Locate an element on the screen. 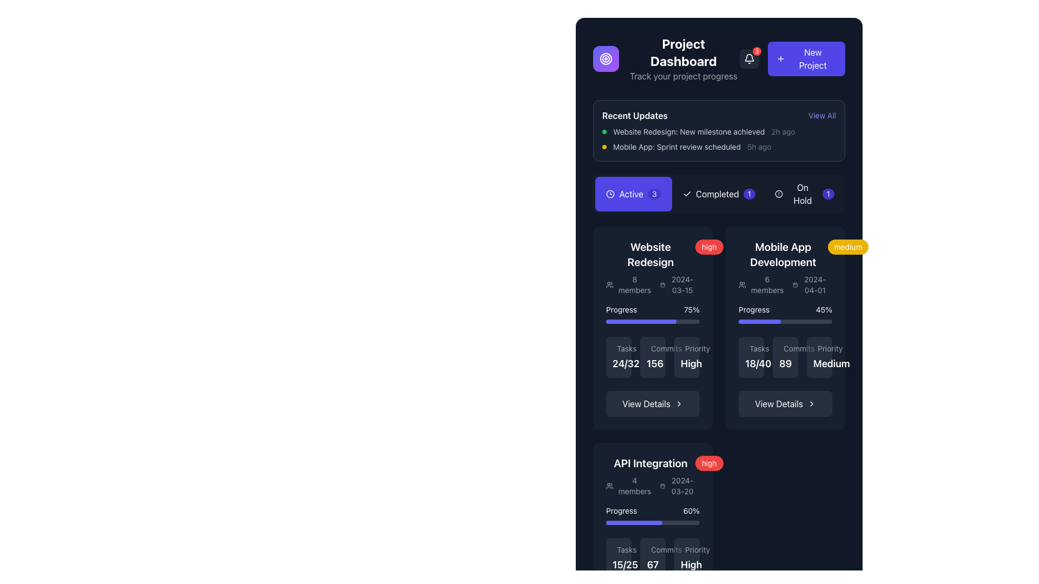 The image size is (1039, 584). the 'View Details' button located at the bottom center of the 'Mobile App Development' card to change its color to indigo is located at coordinates (785, 404).